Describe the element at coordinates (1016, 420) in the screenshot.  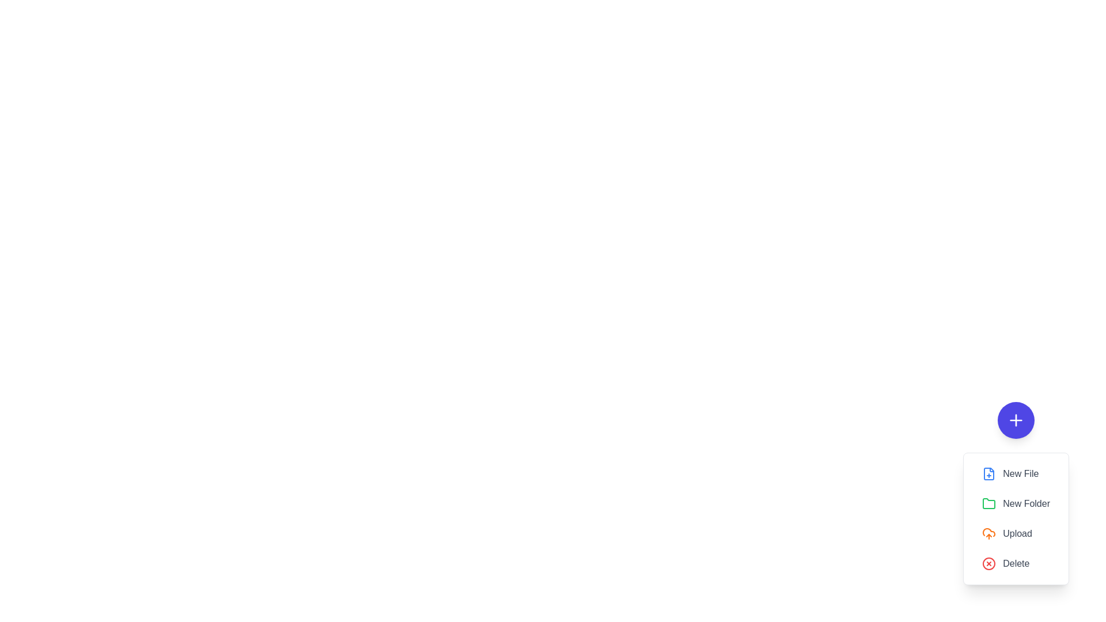
I see `the button to toggle the visibility of the action menu` at that location.